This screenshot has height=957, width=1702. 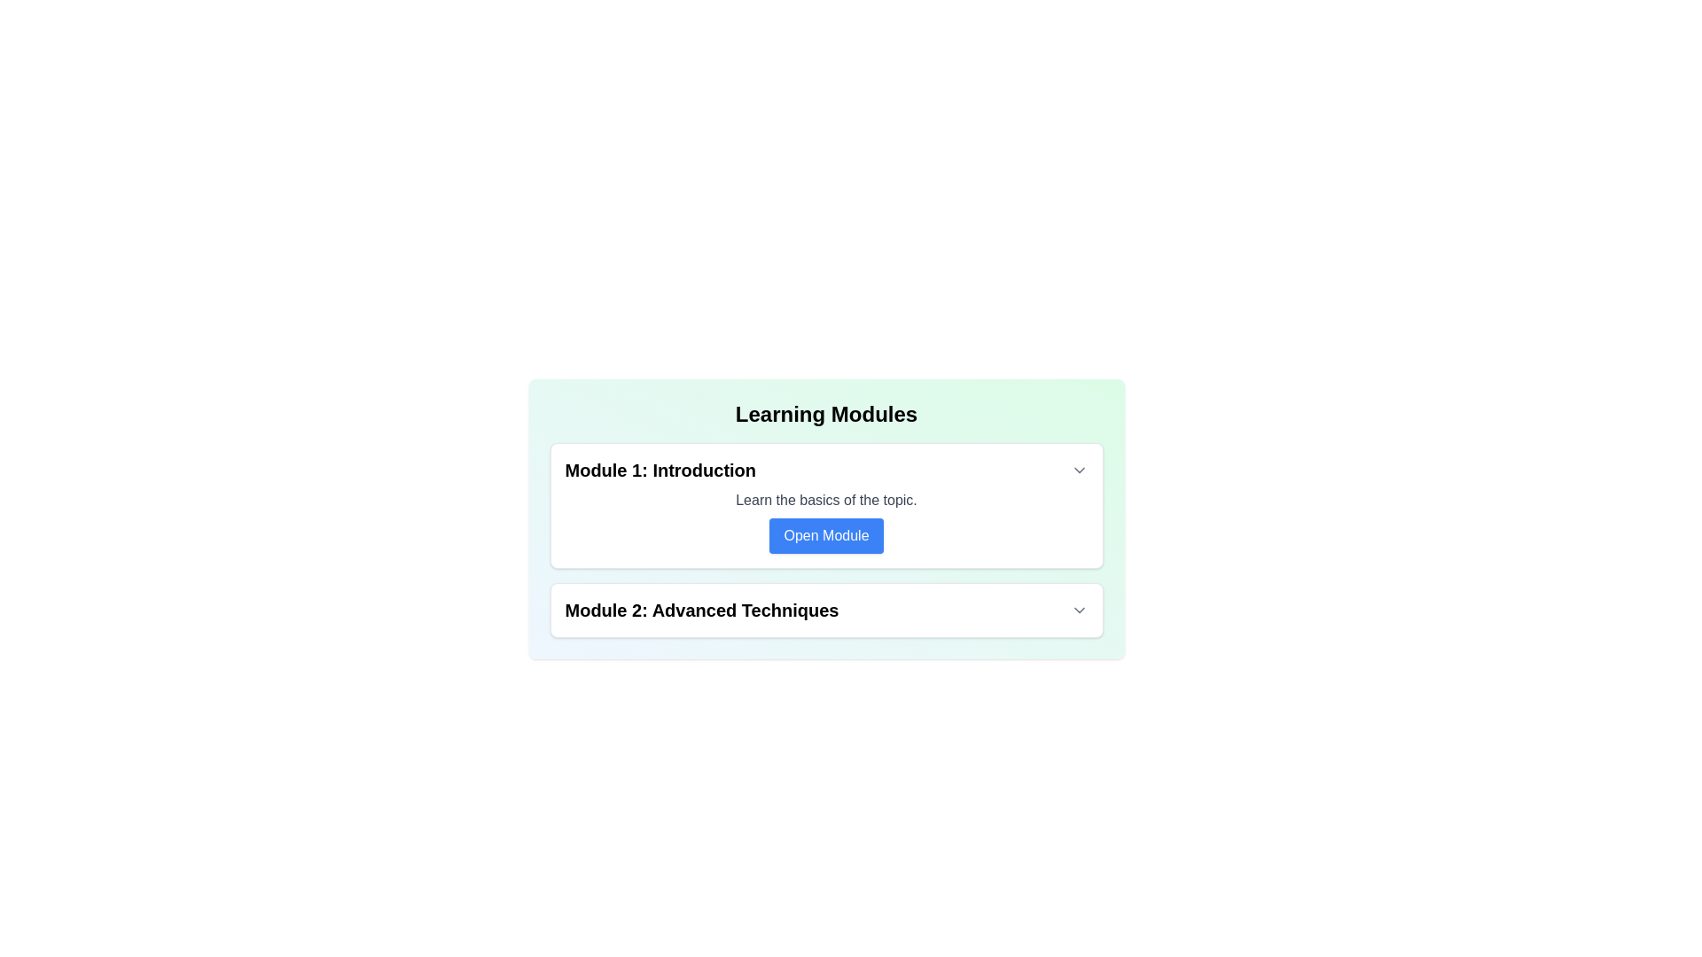 What do you see at coordinates (825, 535) in the screenshot?
I see `the button with rounded edges, blue background, and white text reading 'Open Module' located below the 'Learn the basics of the topic' text in the 'Module 1: Introduction' section` at bounding box center [825, 535].